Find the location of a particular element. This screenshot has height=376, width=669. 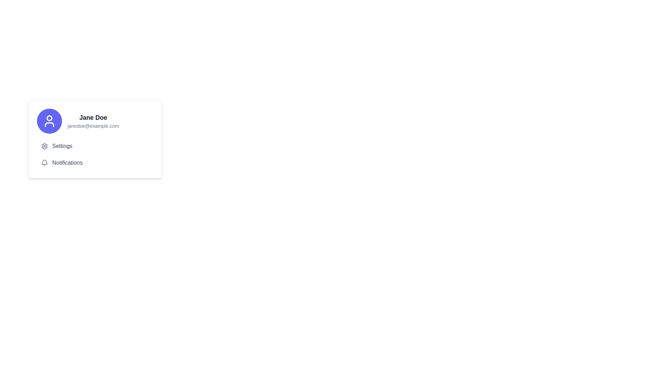

the bell icon representing notifications, which is styled with a minimalistic, outlined design in gray color, located to the left of the text 'Notifications' within the 'Settings' section is located at coordinates (44, 163).